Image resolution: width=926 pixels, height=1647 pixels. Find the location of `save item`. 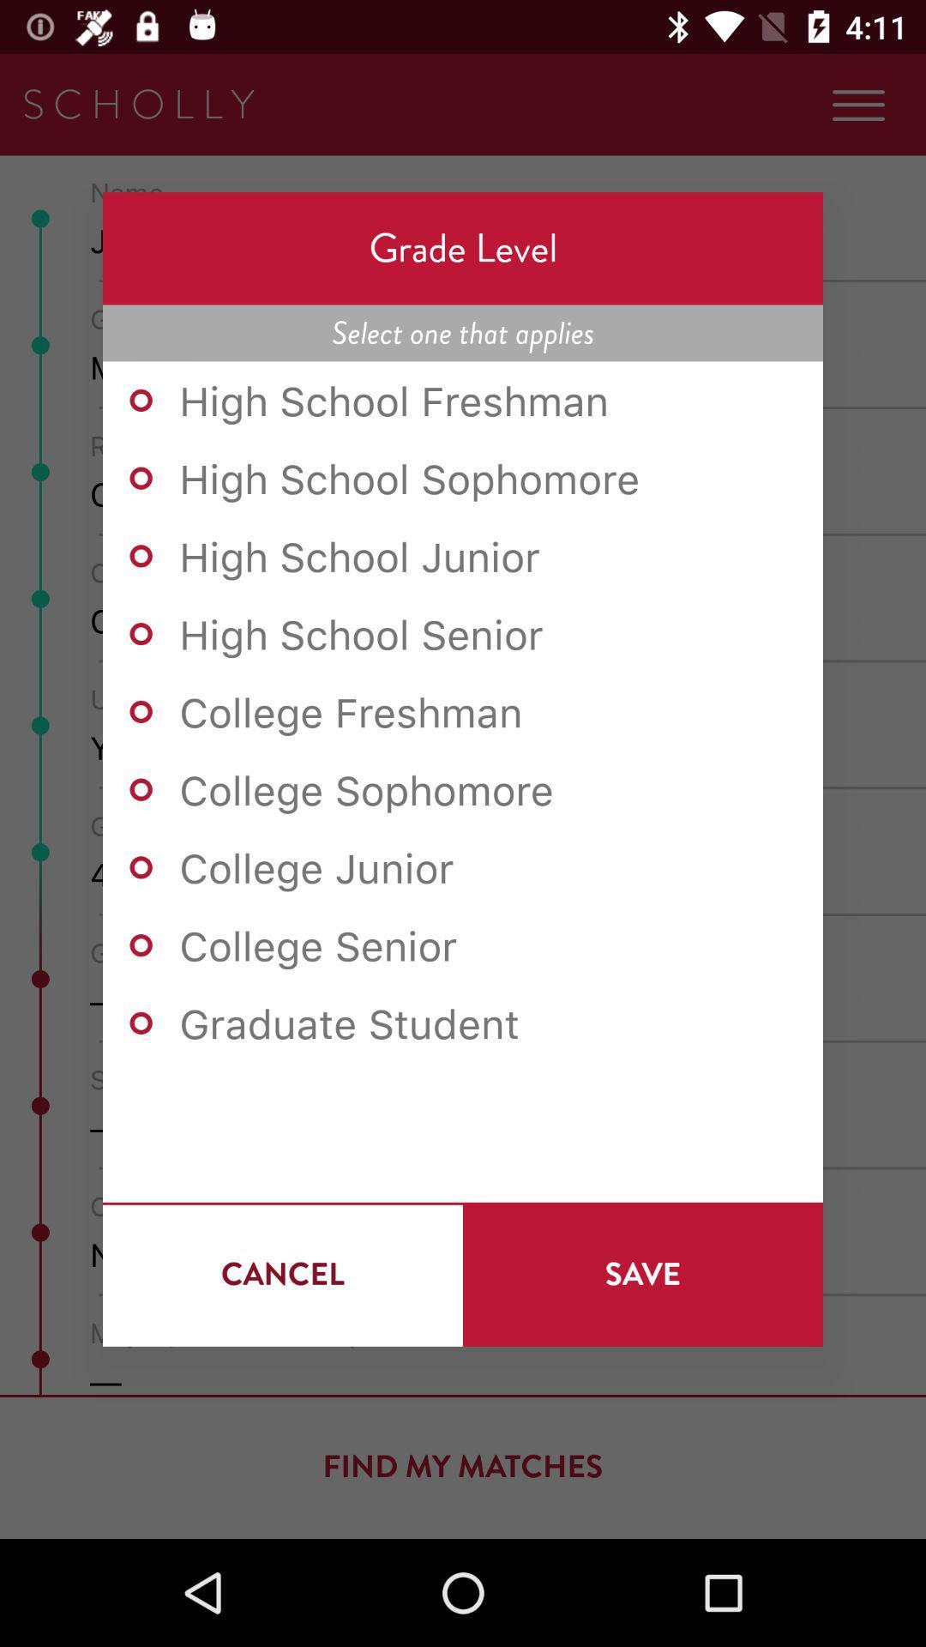

save item is located at coordinates (642, 1274).